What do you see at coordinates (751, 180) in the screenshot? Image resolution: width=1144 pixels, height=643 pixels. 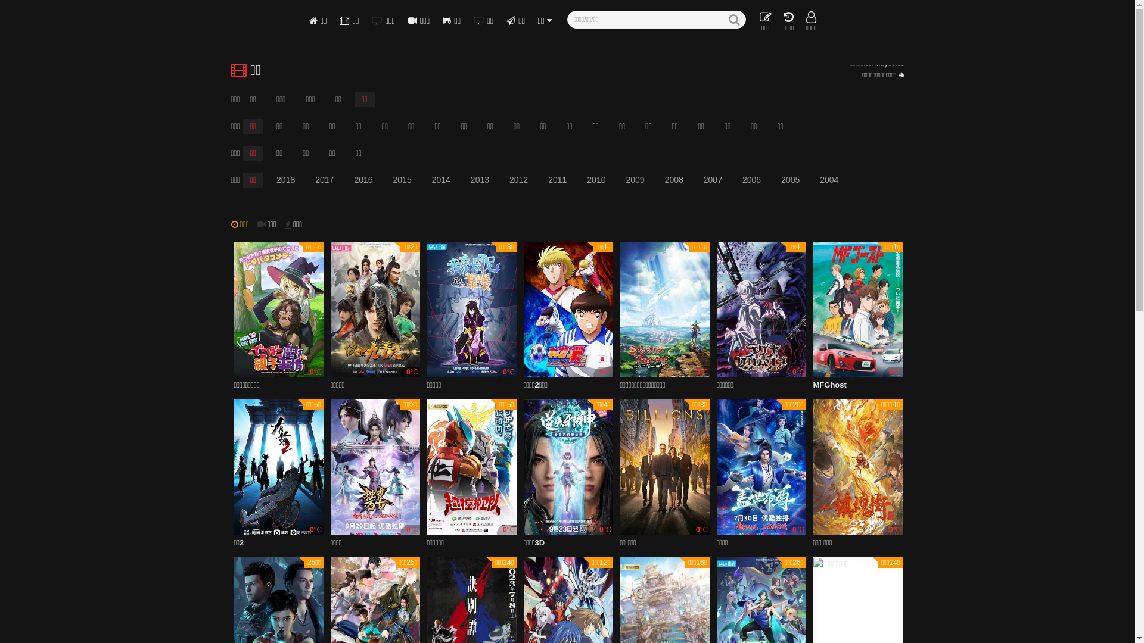 I see `'2006'` at bounding box center [751, 180].